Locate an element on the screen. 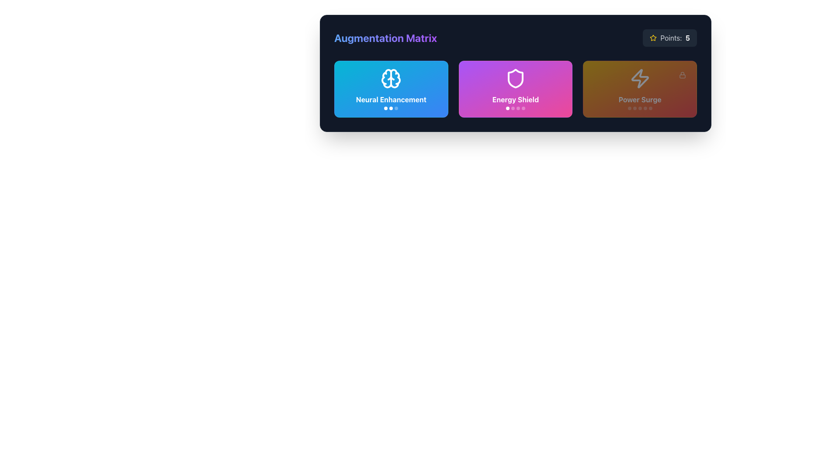 The image size is (839, 472). the yellow star outline icon located near the text 'Points: 5' in the top-right corner of the UI section with a dark background is located at coordinates (653, 38).